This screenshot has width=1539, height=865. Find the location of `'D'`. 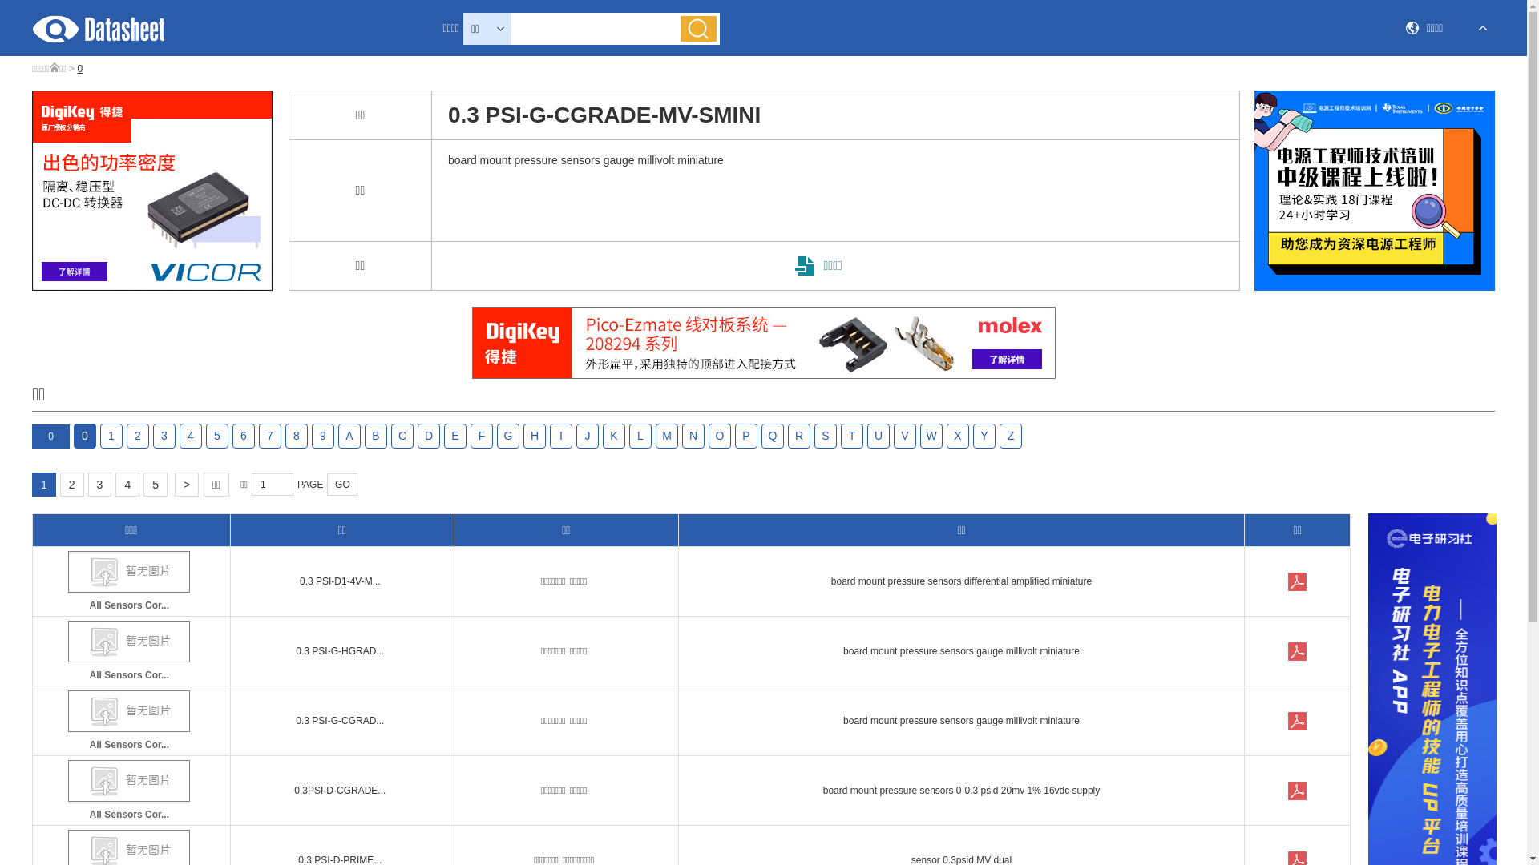

'D' is located at coordinates (428, 436).